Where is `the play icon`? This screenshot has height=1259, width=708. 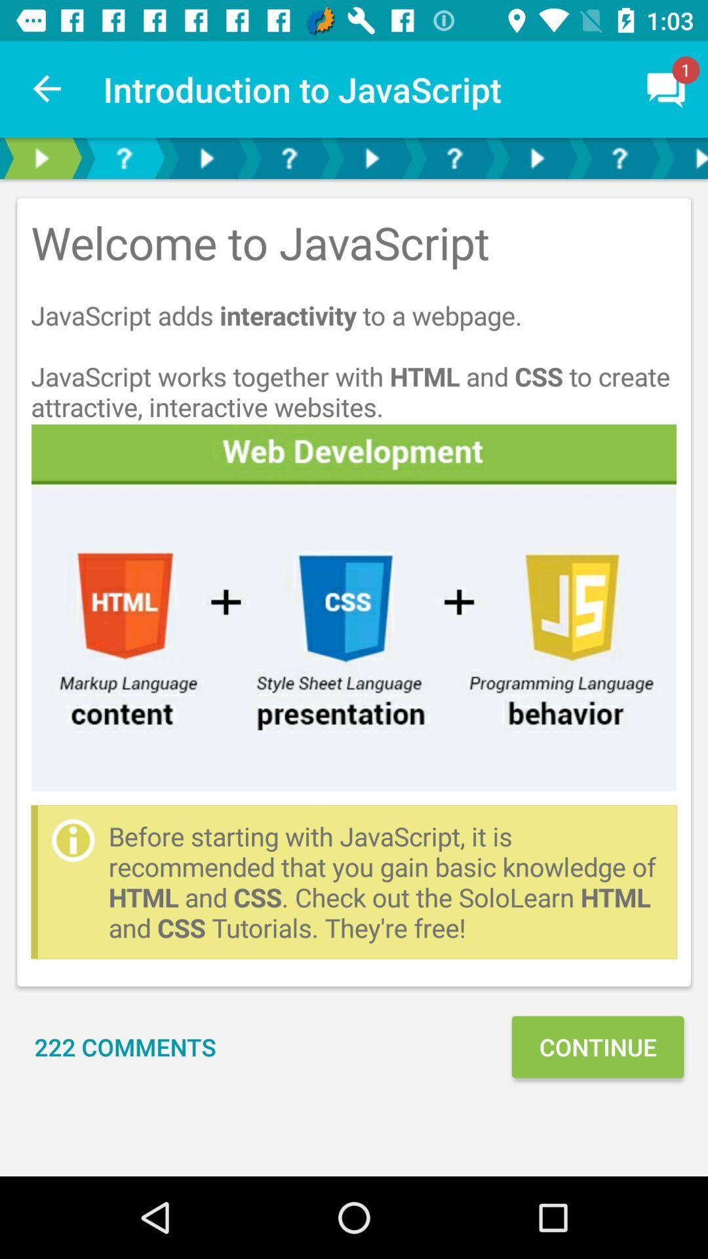
the play icon is located at coordinates (206, 157).